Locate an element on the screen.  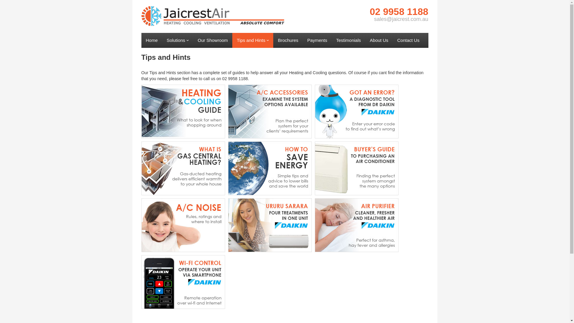
'Home' is located at coordinates (152, 40).